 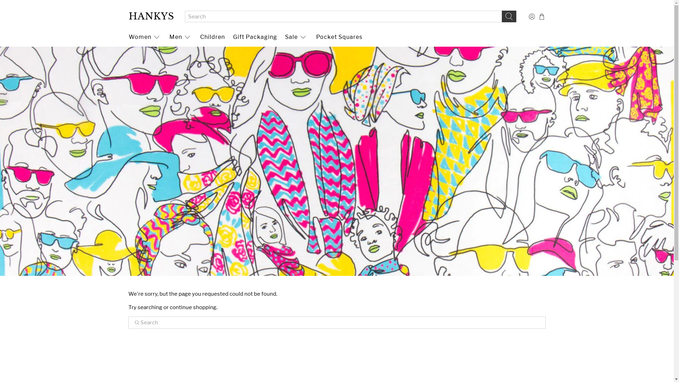 I want to click on 'Children', so click(x=212, y=37).